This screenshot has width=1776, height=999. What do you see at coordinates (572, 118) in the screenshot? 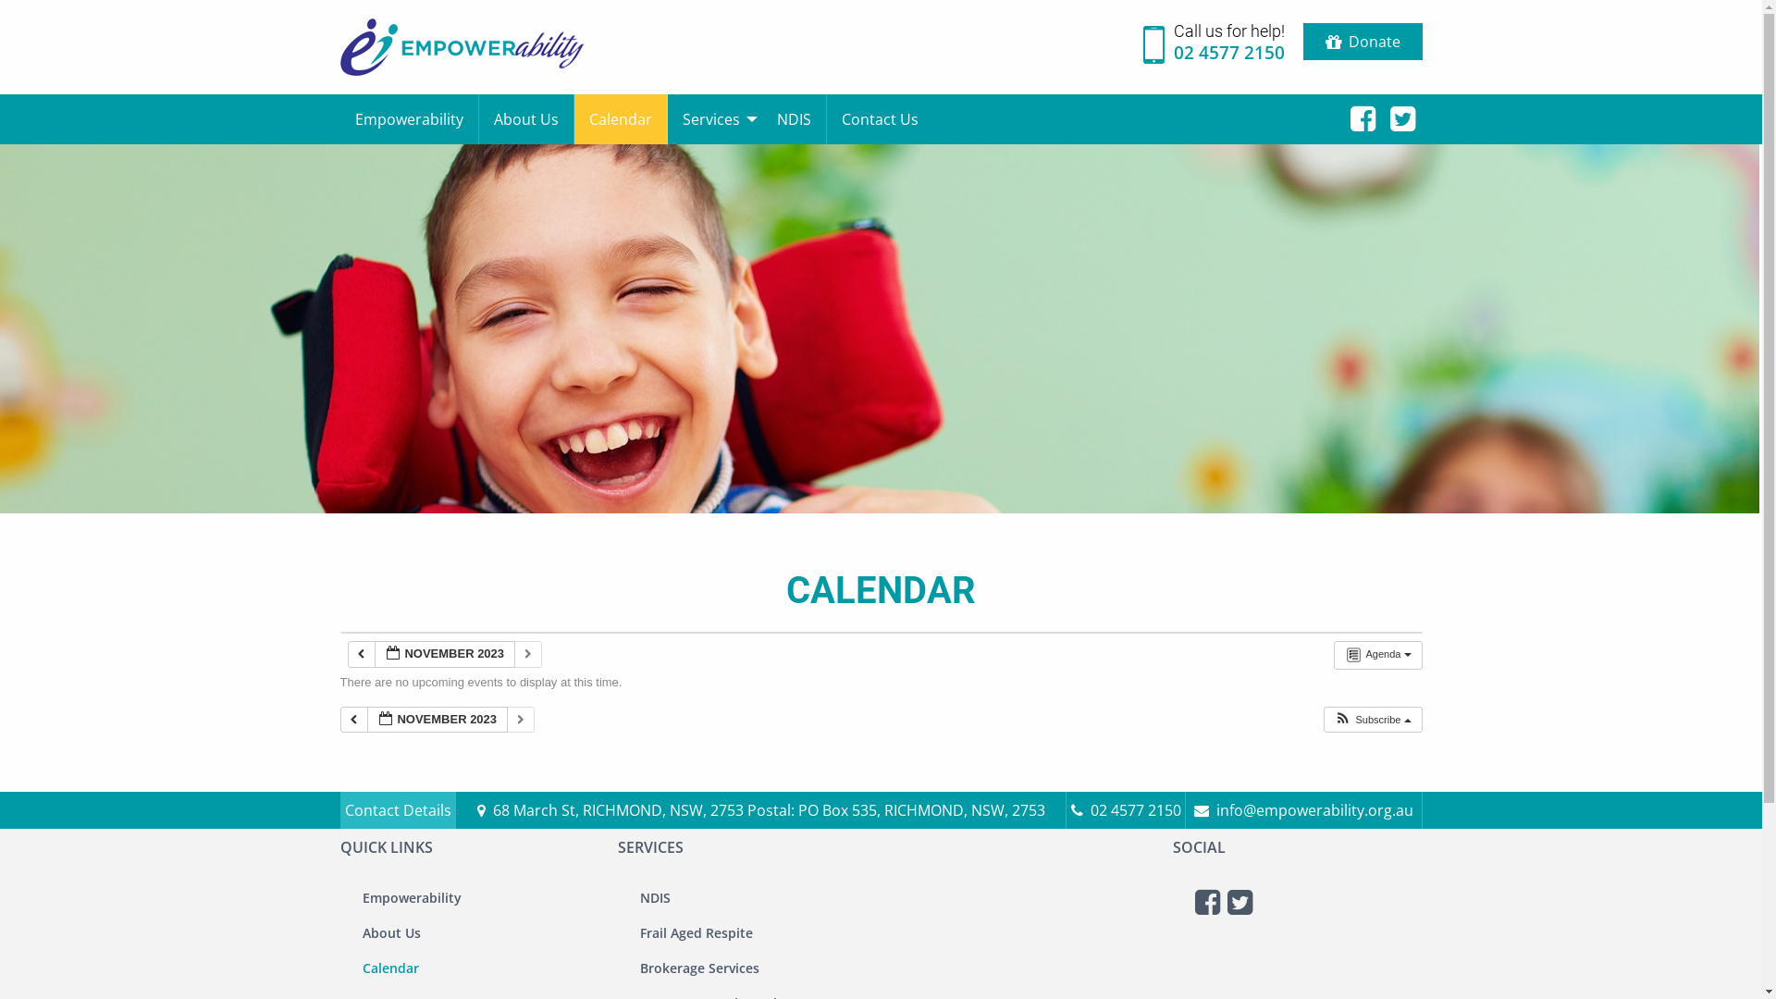
I see `'Calendar'` at bounding box center [572, 118].